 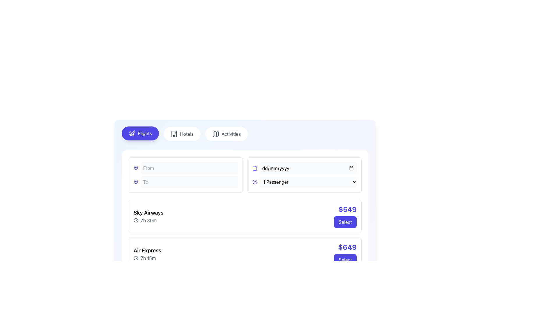 What do you see at coordinates (231, 134) in the screenshot?
I see `the 'Activities' text label/button located at the top-center region of the interface` at bounding box center [231, 134].